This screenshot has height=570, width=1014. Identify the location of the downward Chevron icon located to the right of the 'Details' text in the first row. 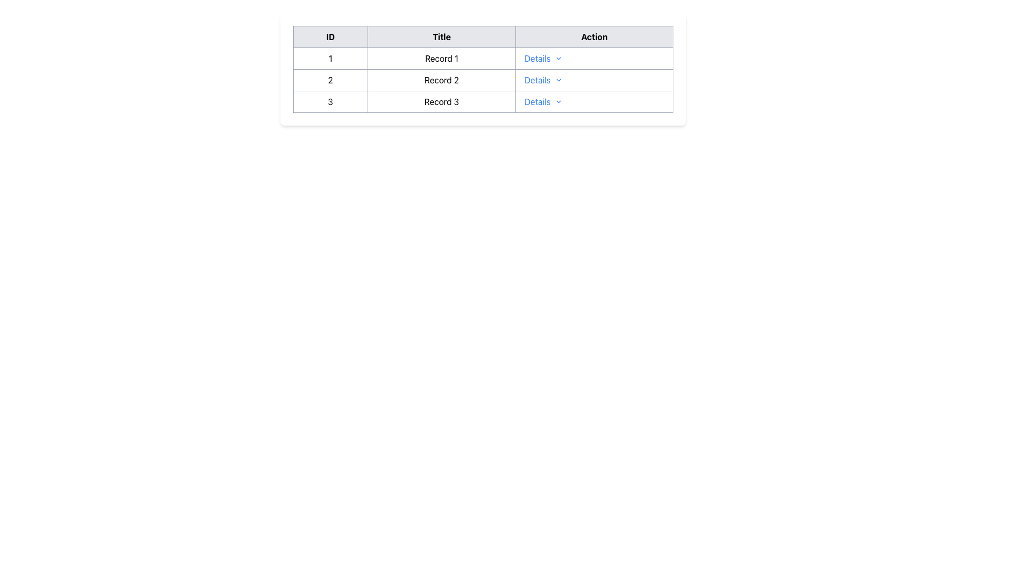
(558, 59).